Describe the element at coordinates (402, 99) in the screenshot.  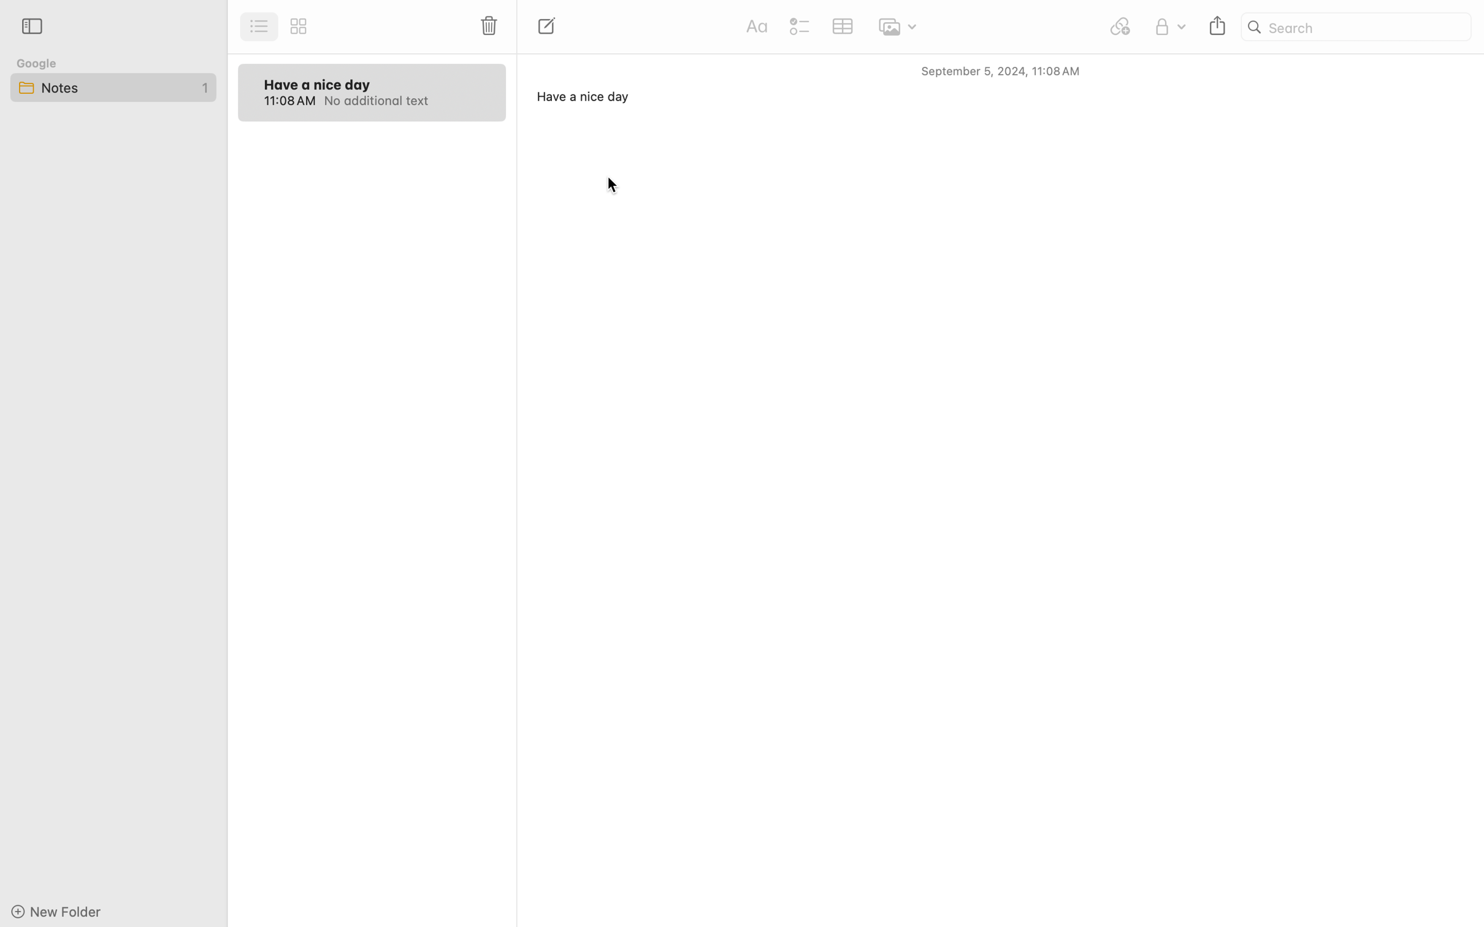
I see `'No additional text'` at that location.